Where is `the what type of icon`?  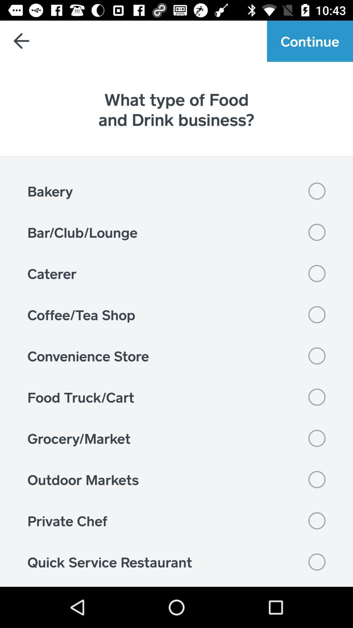
the what type of icon is located at coordinates (176, 109).